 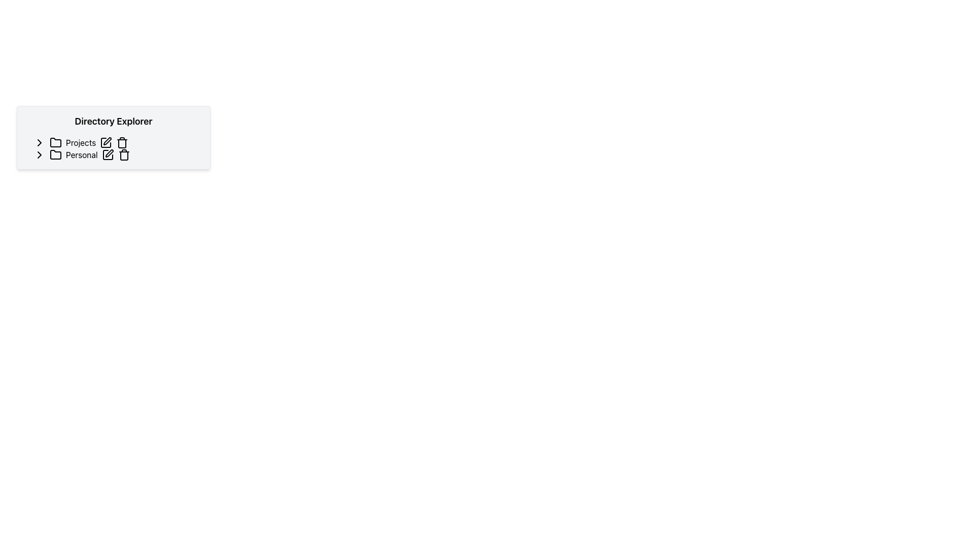 What do you see at coordinates (106, 142) in the screenshot?
I see `the square-shaped icon with rounded corners, located to the left of the pen-shaped icon in the Projects directory explorer UI` at bounding box center [106, 142].